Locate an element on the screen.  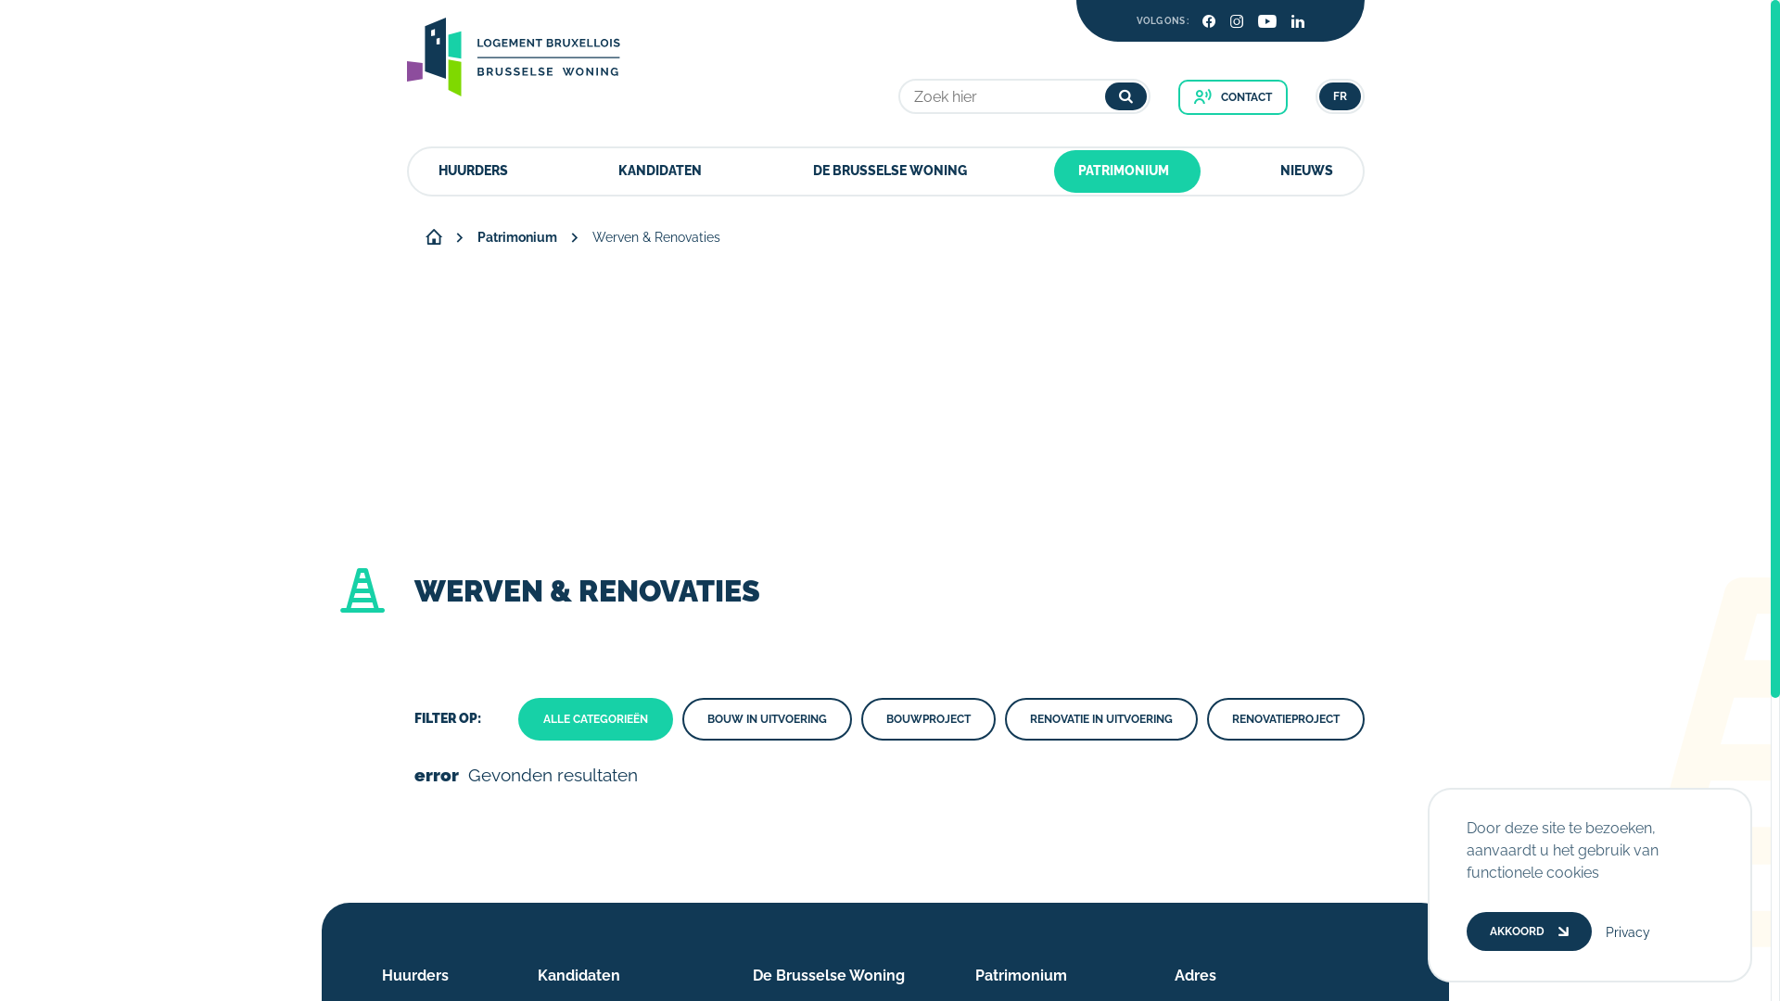
'BOUW IN UITVOERING' is located at coordinates (767, 717).